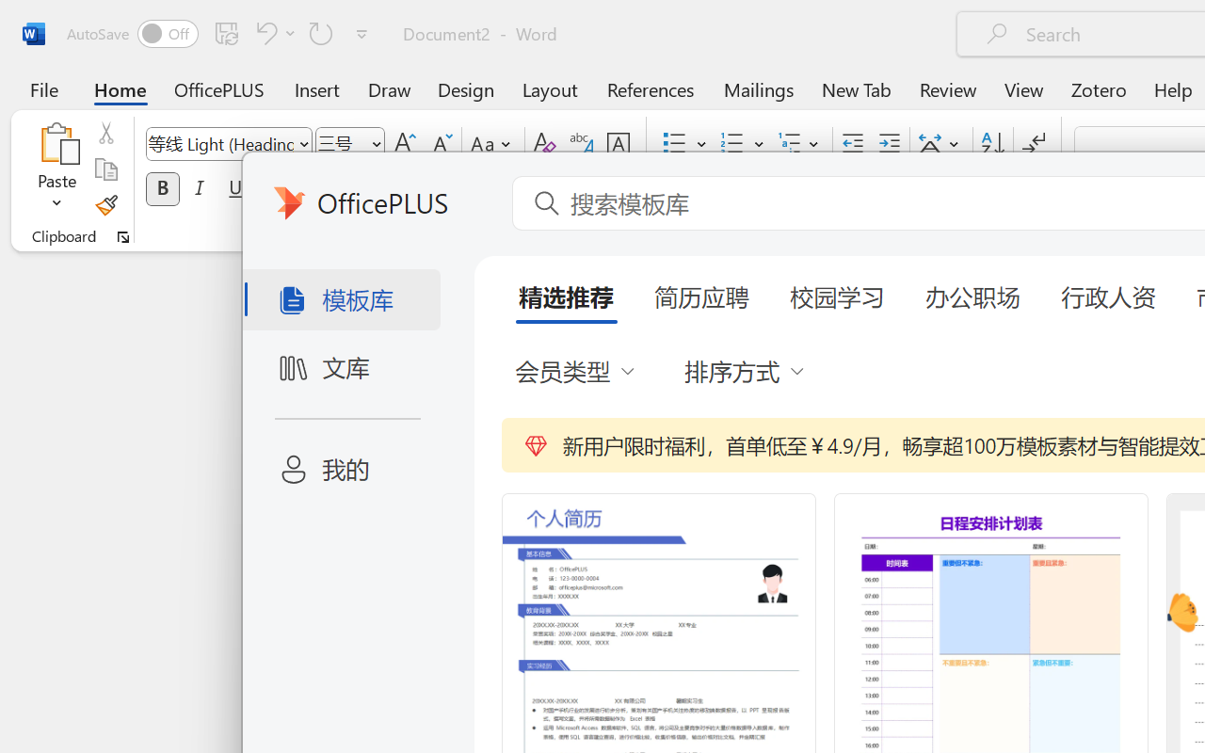 The width and height of the screenshot is (1205, 753). What do you see at coordinates (651, 88) in the screenshot?
I see `'References'` at bounding box center [651, 88].